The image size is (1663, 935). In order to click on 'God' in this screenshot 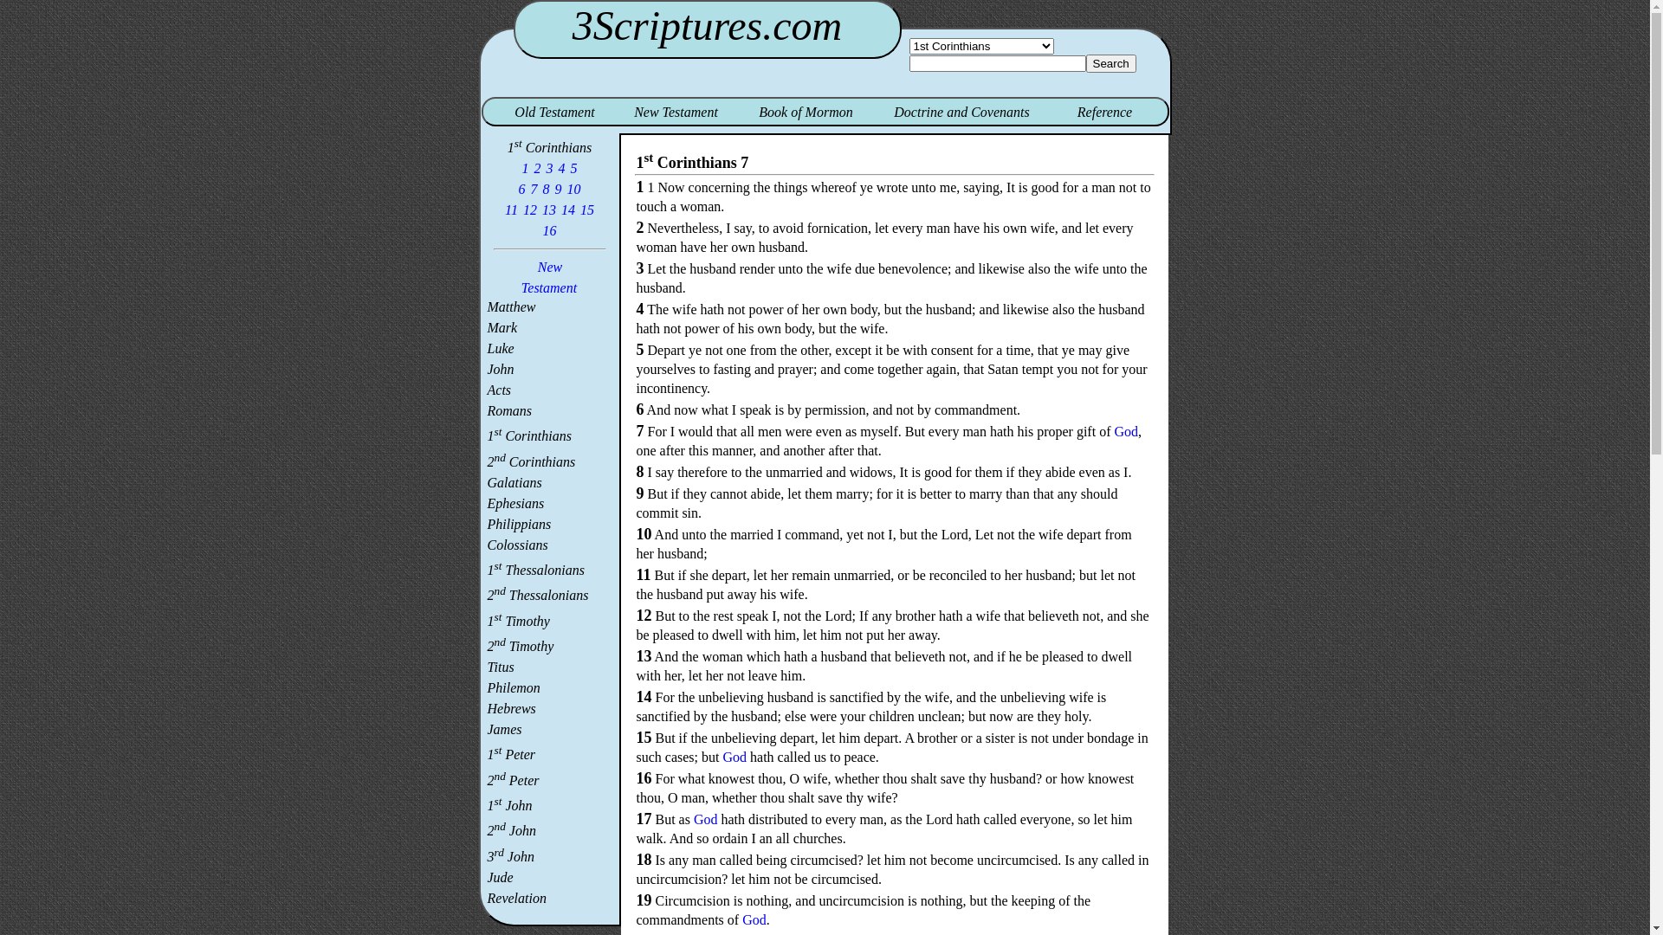, I will do `click(754, 919)`.